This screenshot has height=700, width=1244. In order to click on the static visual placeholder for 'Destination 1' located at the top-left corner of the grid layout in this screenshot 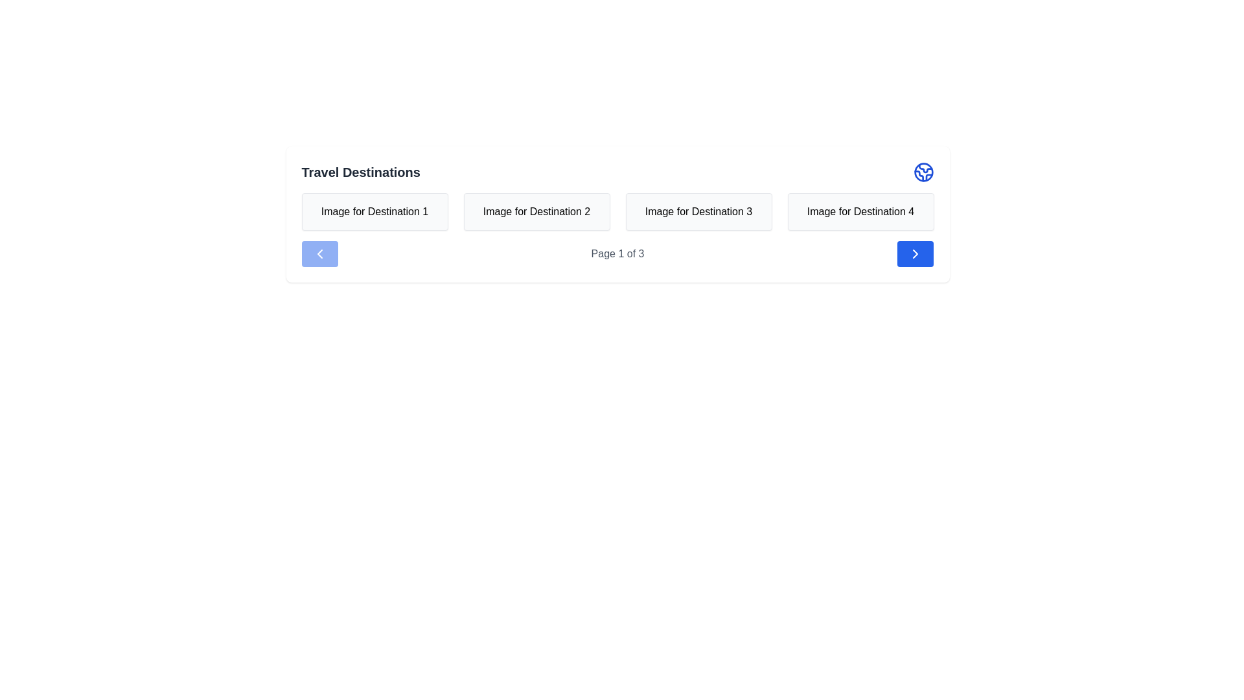, I will do `click(374, 211)`.